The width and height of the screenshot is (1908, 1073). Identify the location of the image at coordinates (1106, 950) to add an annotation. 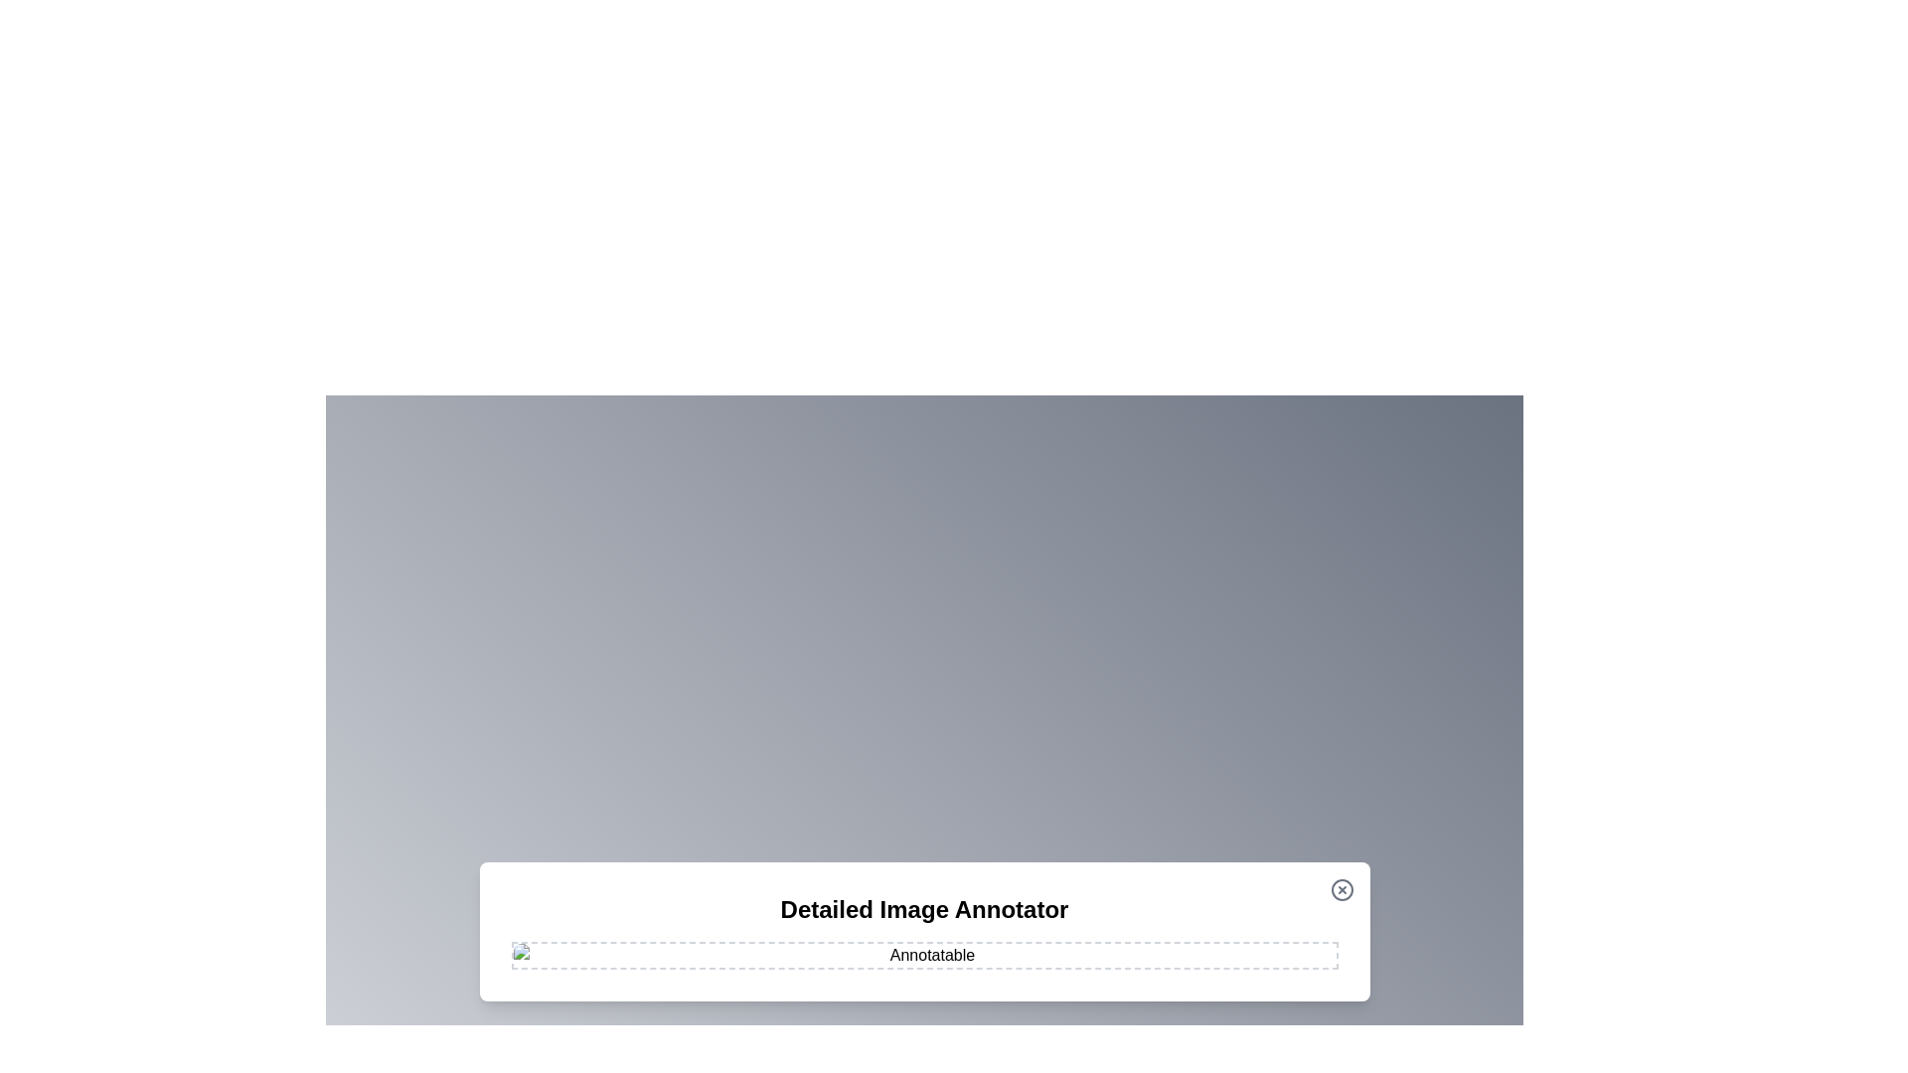
(1097, 942).